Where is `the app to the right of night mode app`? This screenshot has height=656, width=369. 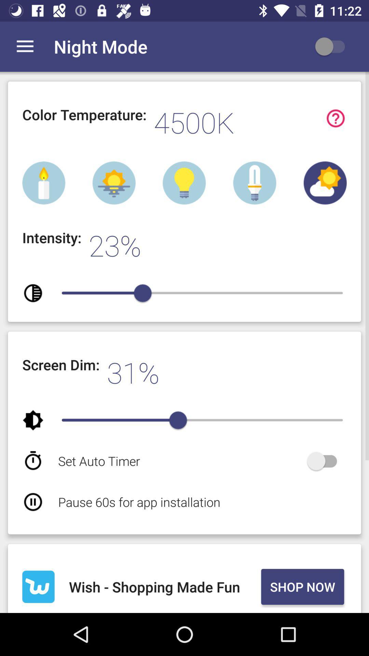
the app to the right of night mode app is located at coordinates (333, 46).